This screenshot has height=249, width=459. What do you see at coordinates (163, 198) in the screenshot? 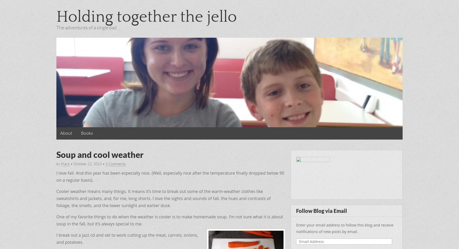
I see `'Cooler weather means many things. It means it’s time to break out some of the warm-weather clothes like sweatshirts and jackets, and, for me, long shorts. I love the sights and sounds of fall. the hues and contrasts of foliage, the smells, and the lower sunlight and earlier dusk.'` at bounding box center [163, 198].